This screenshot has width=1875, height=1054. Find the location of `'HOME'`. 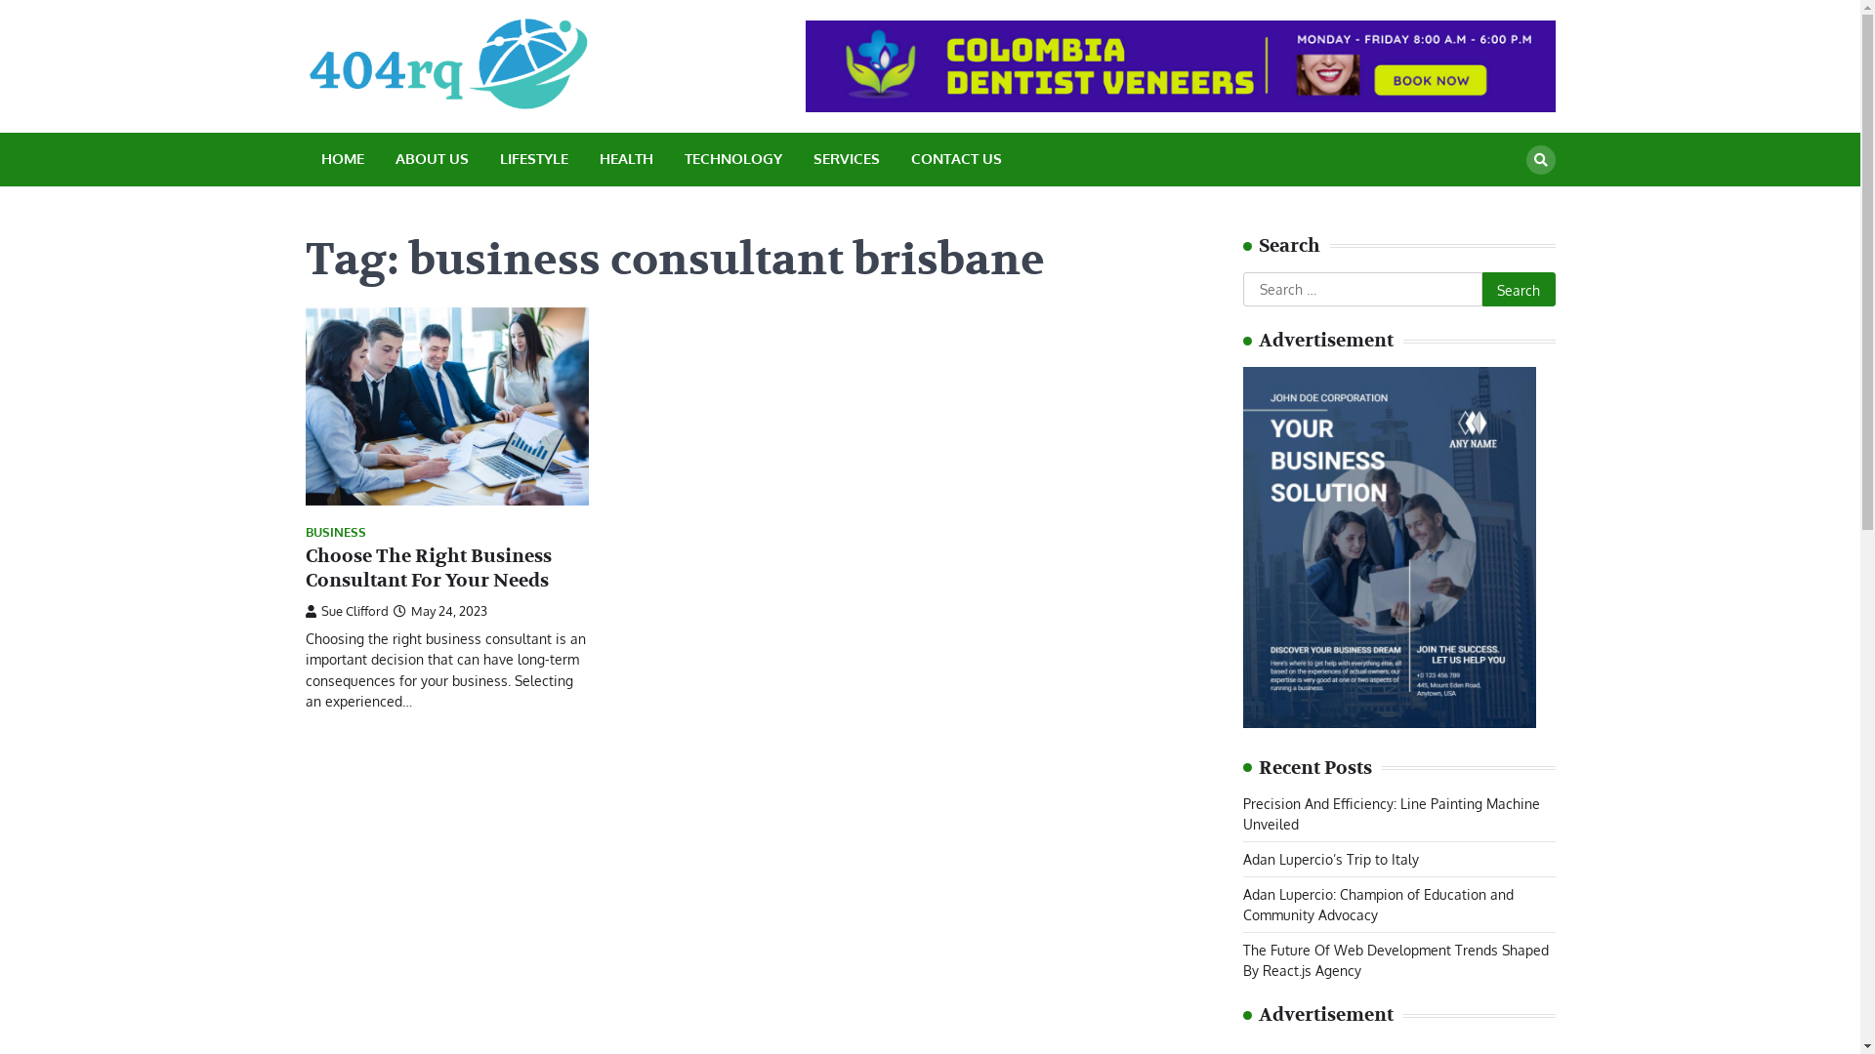

'HOME' is located at coordinates (342, 158).